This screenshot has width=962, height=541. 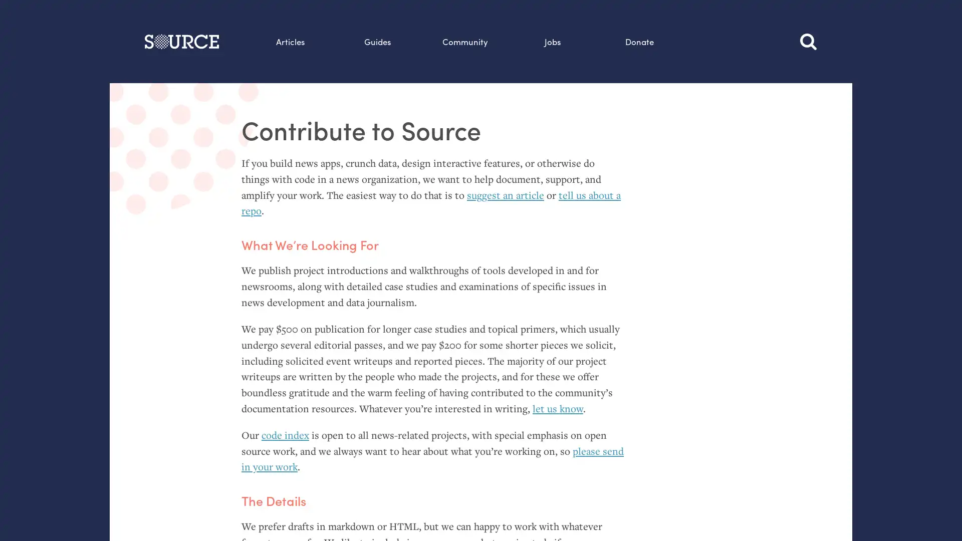 I want to click on Search this site, so click(x=109, y=83).